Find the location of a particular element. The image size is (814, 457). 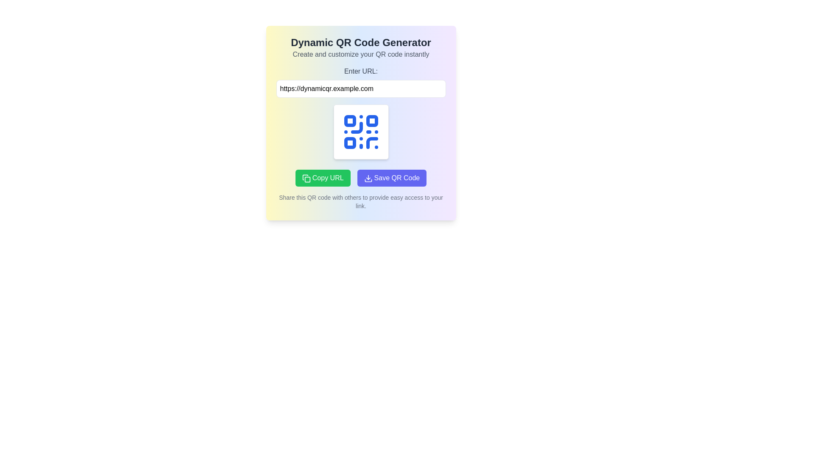

the dynamically generated QR code element located beneath the URL input field, above the 'Copy URL' and 'Save QR Code' buttons is located at coordinates (361, 132).